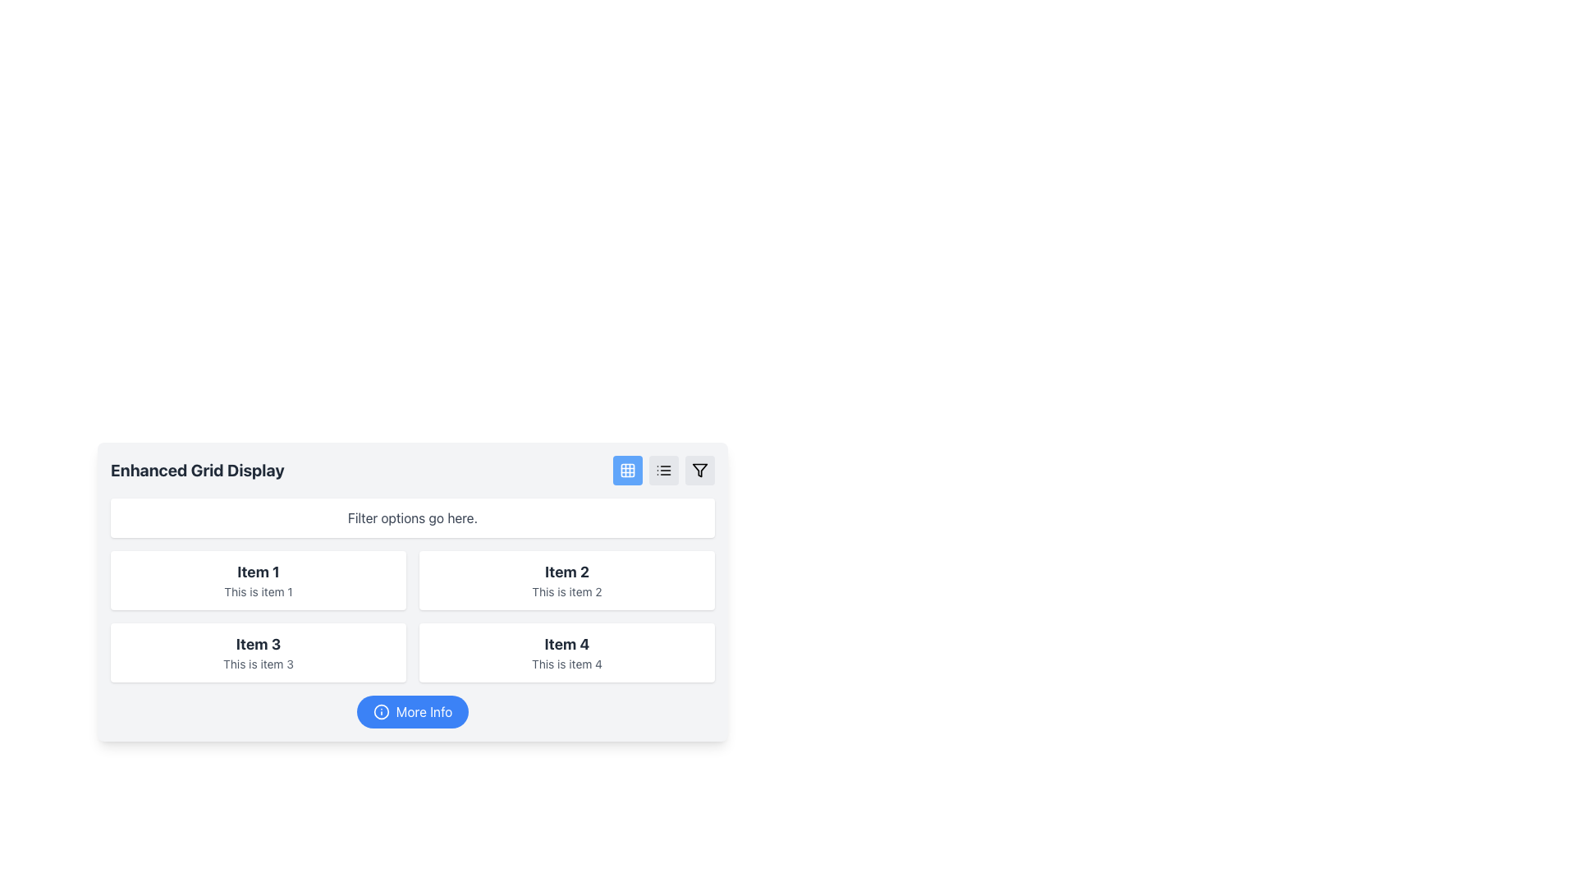 This screenshot has width=1576, height=887. I want to click on the text label displaying 'Item 4', which is styled with a bold font and is located in the second row, fourth column of the grid layout, so click(567, 644).